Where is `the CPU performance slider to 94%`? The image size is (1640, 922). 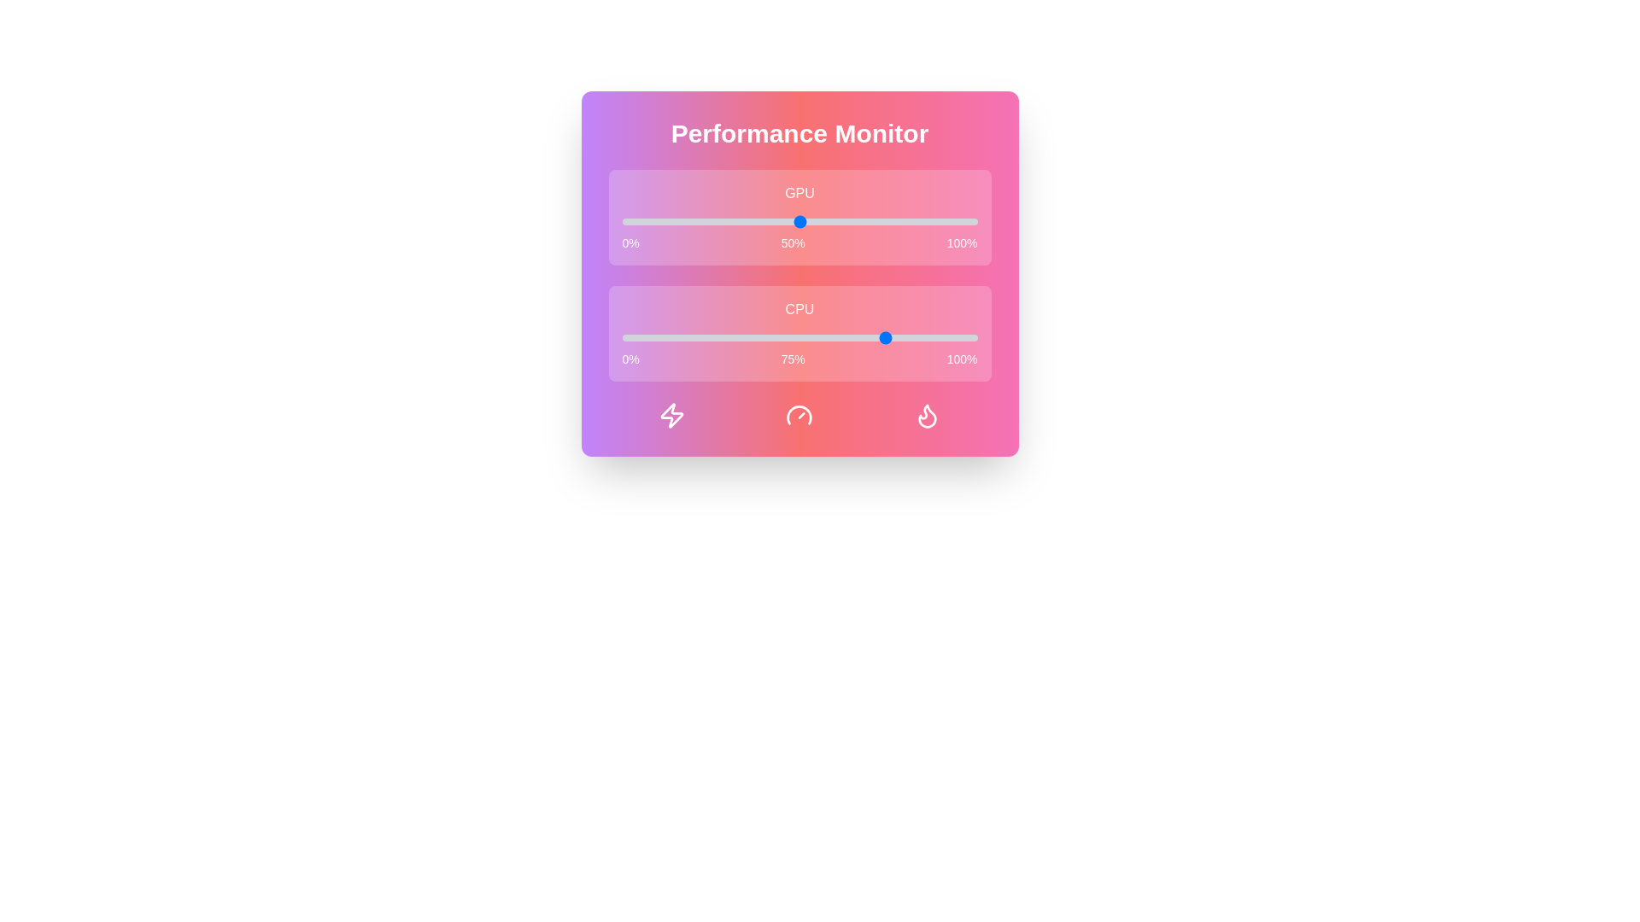
the CPU performance slider to 94% is located at coordinates (955, 338).